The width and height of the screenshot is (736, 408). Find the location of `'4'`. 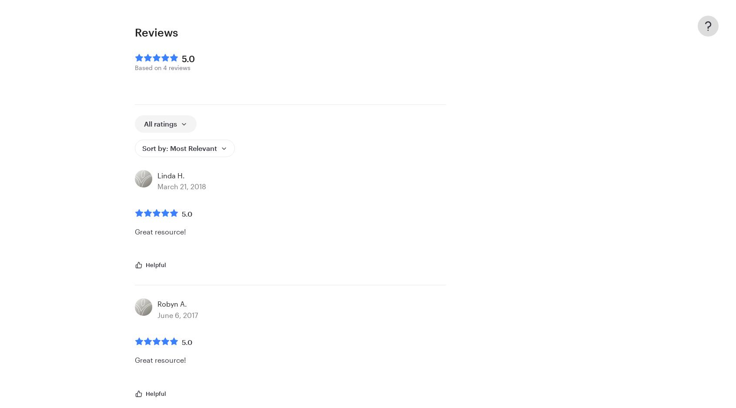

'4' is located at coordinates (165, 67).